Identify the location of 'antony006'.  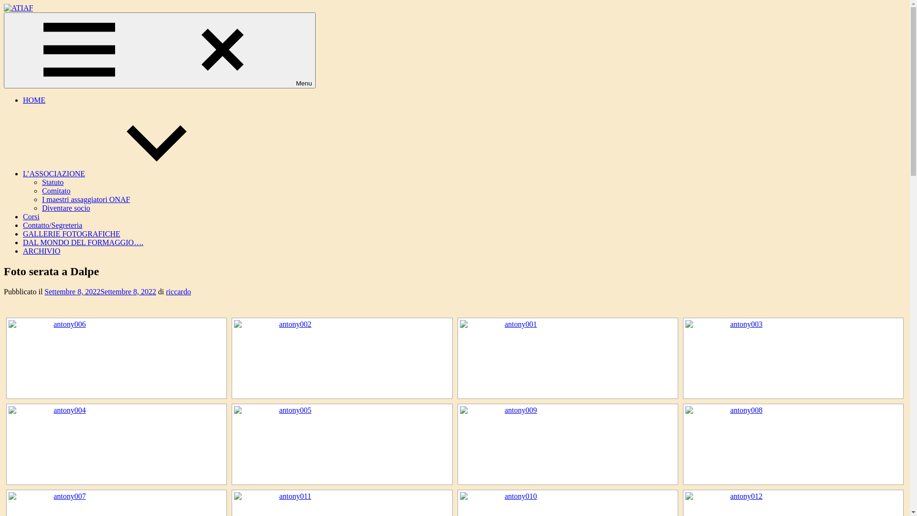
(65, 358).